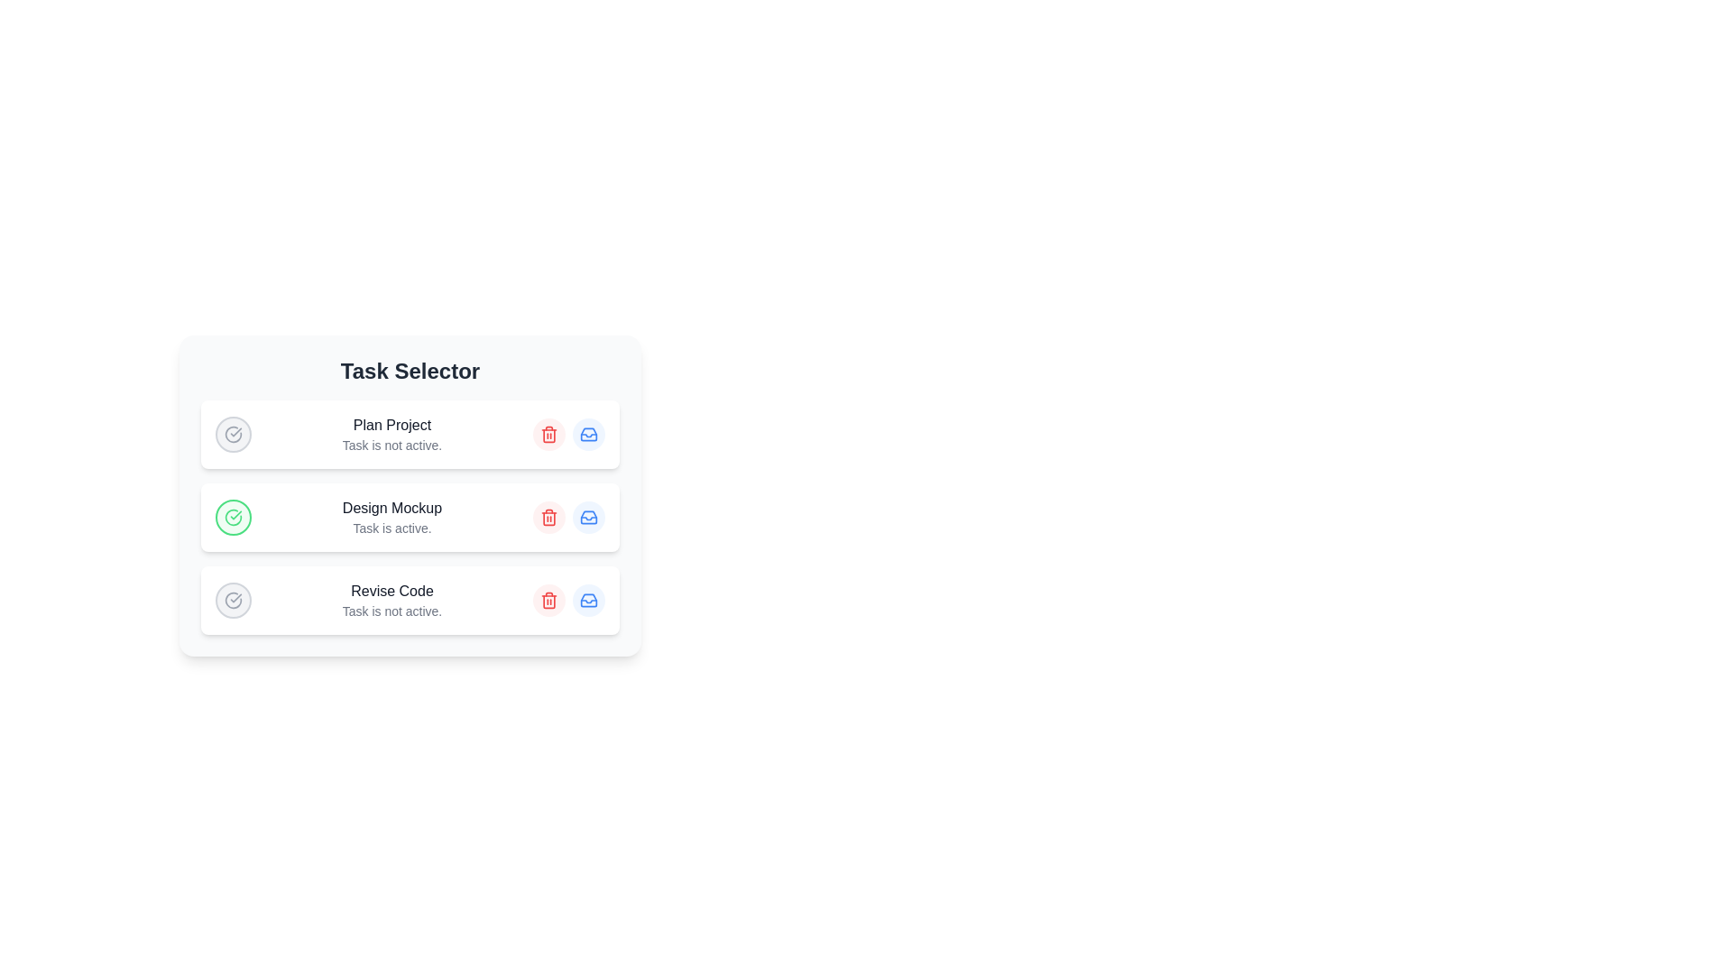 The image size is (1732, 974). Describe the element at coordinates (588, 601) in the screenshot. I see `the blue outlined inbox icon located in the third row of the task list, next to the text 'Revise Code'` at that location.